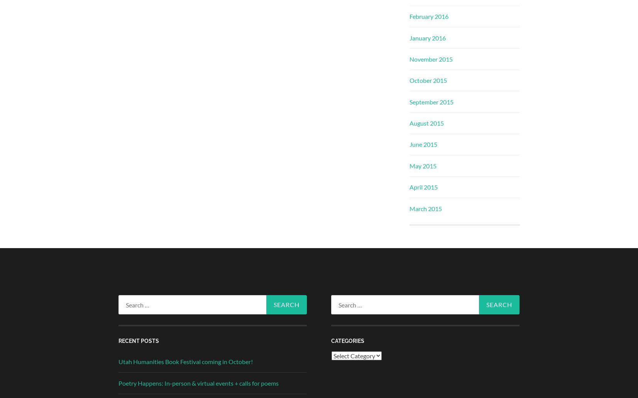 The width and height of the screenshot is (638, 398). Describe the element at coordinates (185, 361) in the screenshot. I see `'Utah Humanities Book Festival coming in October!'` at that location.